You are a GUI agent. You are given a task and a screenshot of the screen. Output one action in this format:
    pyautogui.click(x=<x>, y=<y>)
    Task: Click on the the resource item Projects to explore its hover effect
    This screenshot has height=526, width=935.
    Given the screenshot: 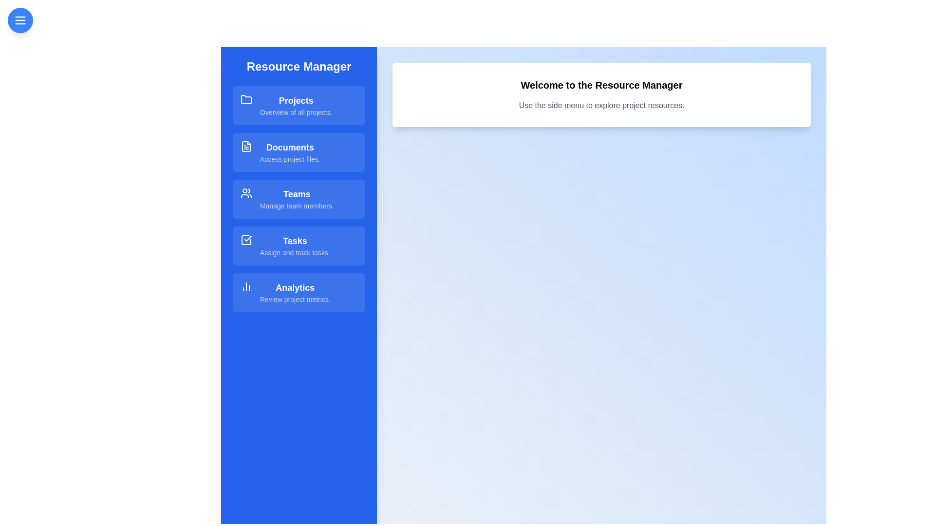 What is the action you would take?
    pyautogui.click(x=299, y=105)
    